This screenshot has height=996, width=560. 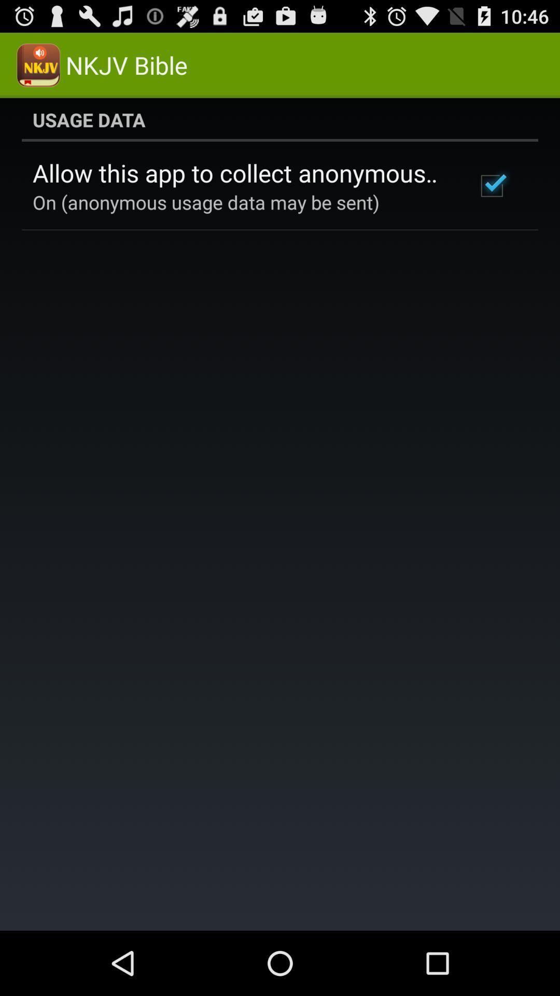 I want to click on item below usage data, so click(x=491, y=186).